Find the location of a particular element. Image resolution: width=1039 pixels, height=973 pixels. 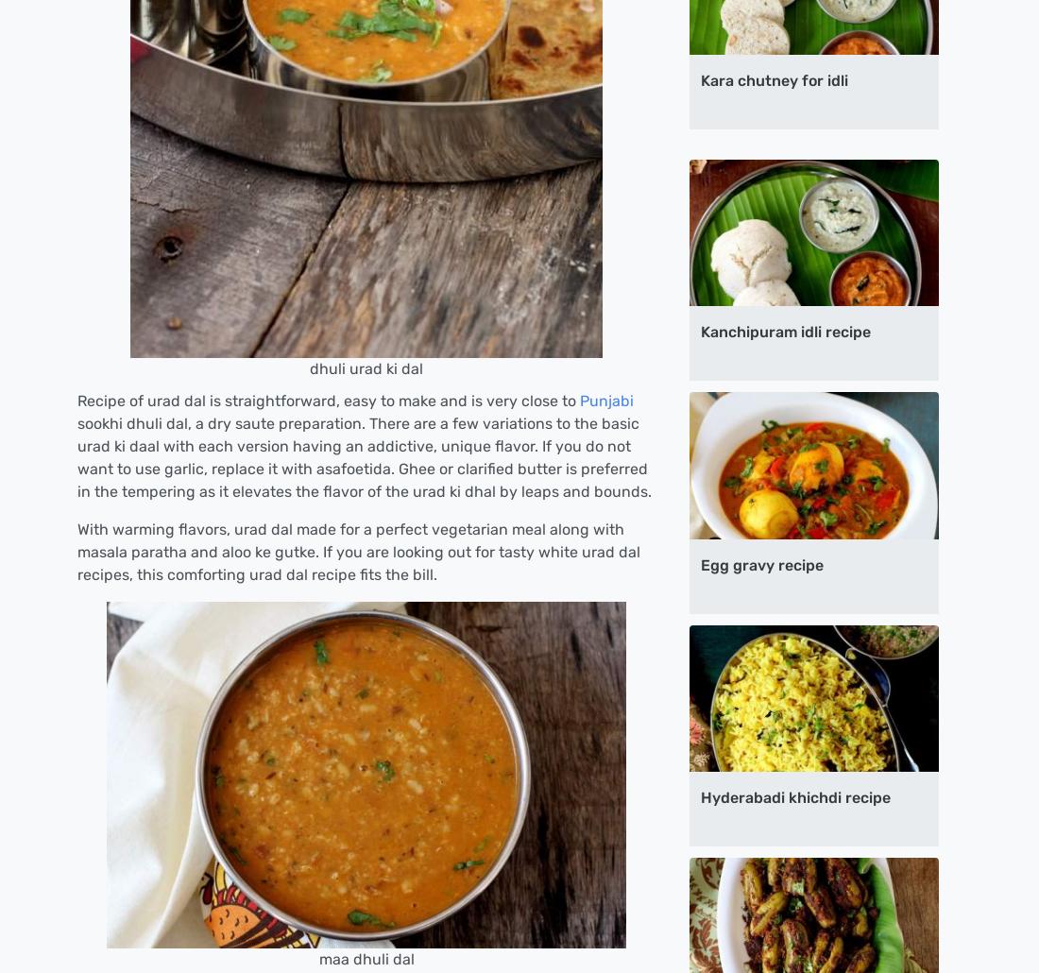

'Kanchipuram idli recipe' is located at coordinates (699, 332).